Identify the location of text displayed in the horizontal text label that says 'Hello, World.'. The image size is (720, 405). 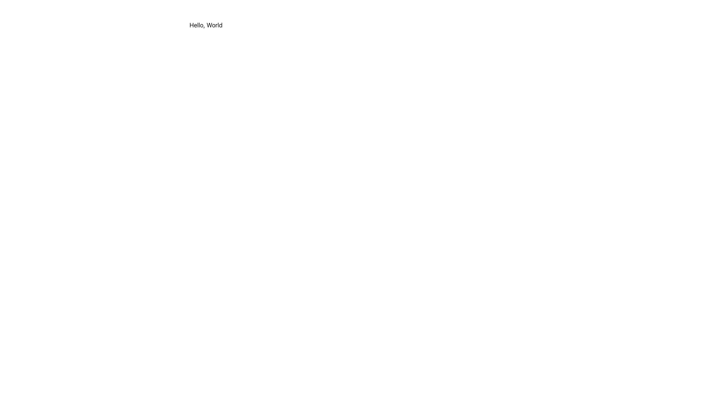
(206, 24).